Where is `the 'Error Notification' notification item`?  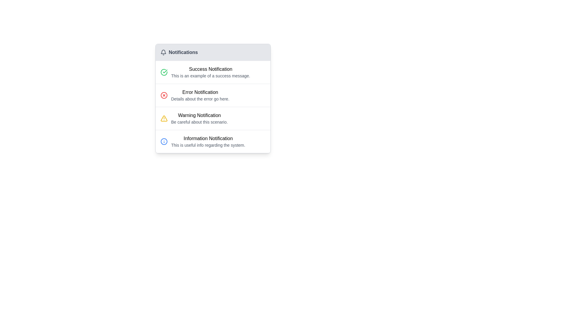 the 'Error Notification' notification item is located at coordinates (213, 95).